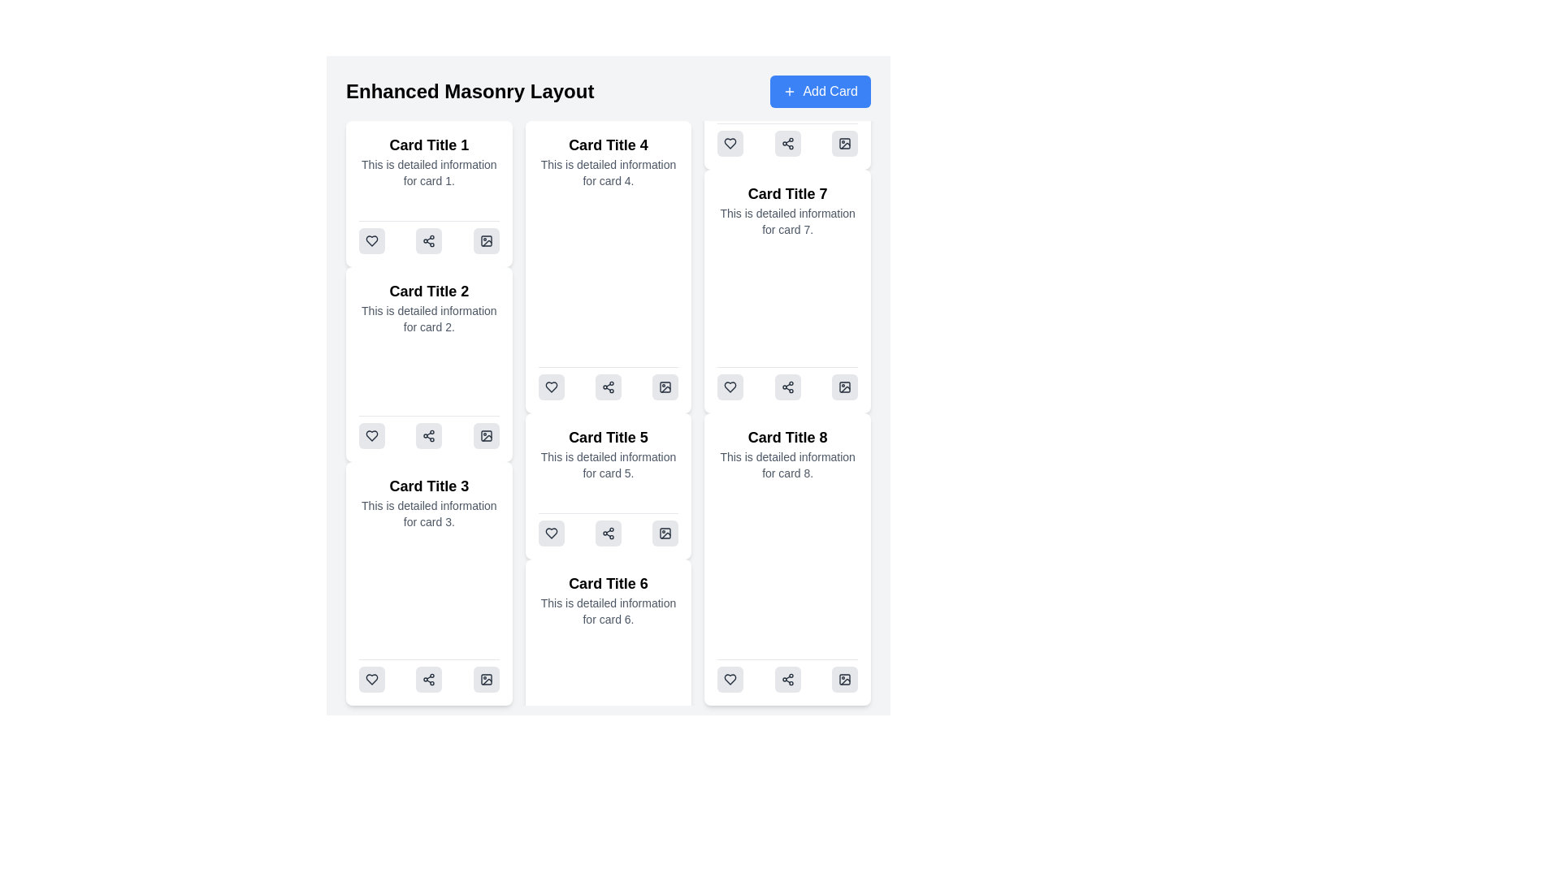 The height and width of the screenshot is (877, 1560). What do you see at coordinates (787, 209) in the screenshot?
I see `text displayed in the card titled 'Card Title 7', which contains the heading 'Card Title 7' and the descriptive text 'This is detailed information for card 7.'` at bounding box center [787, 209].